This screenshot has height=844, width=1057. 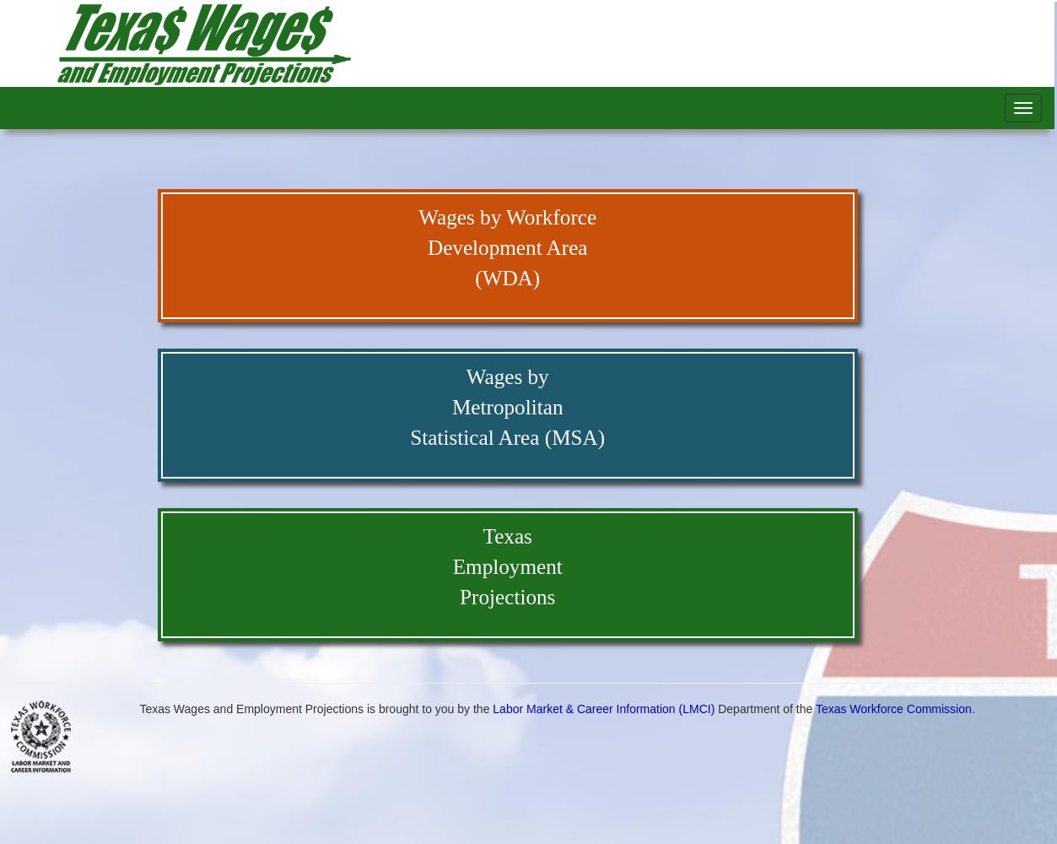 I want to click on 'Metropolitan', so click(x=506, y=406).